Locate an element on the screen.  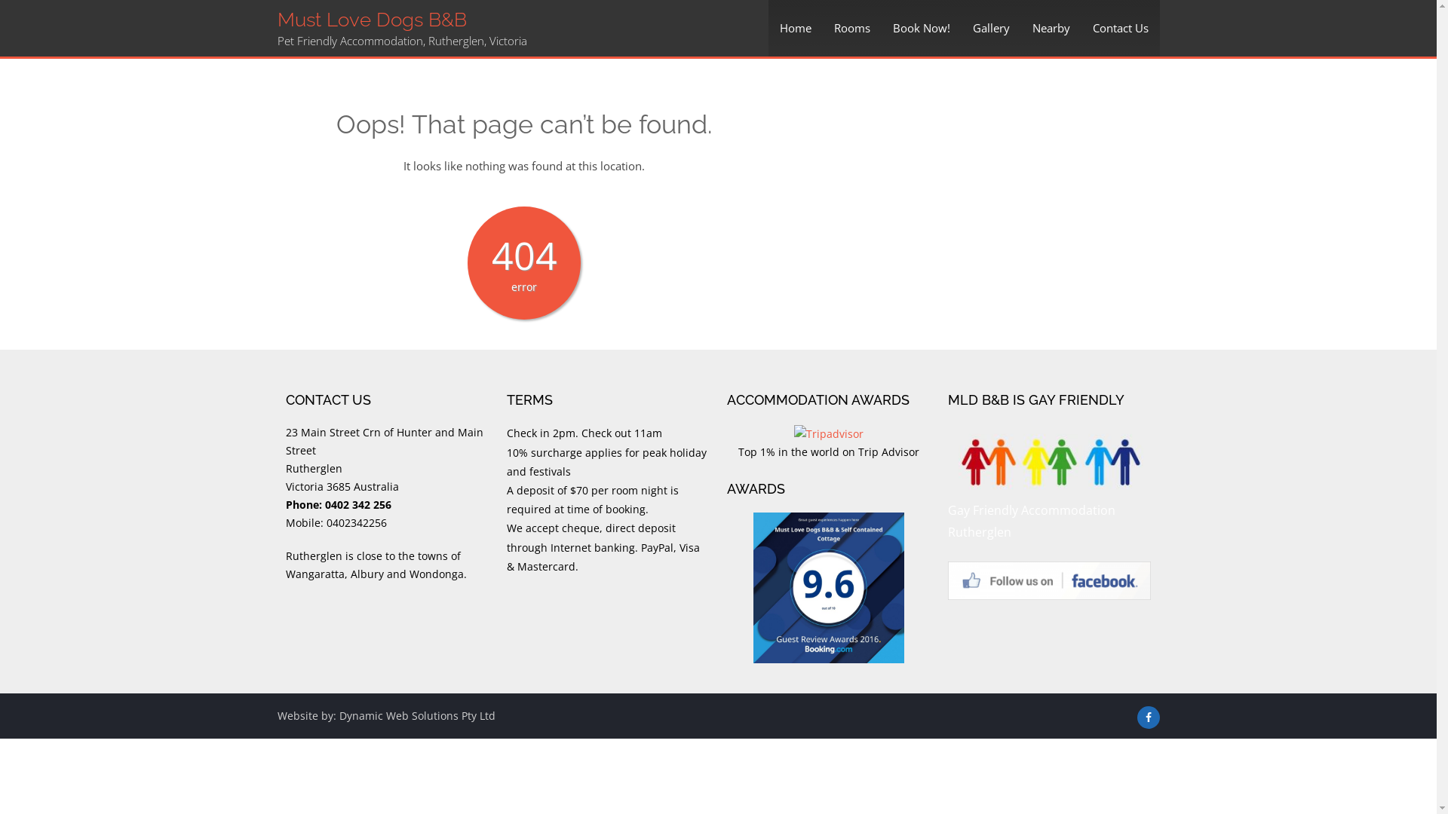
'Awards' is located at coordinates (827, 586).